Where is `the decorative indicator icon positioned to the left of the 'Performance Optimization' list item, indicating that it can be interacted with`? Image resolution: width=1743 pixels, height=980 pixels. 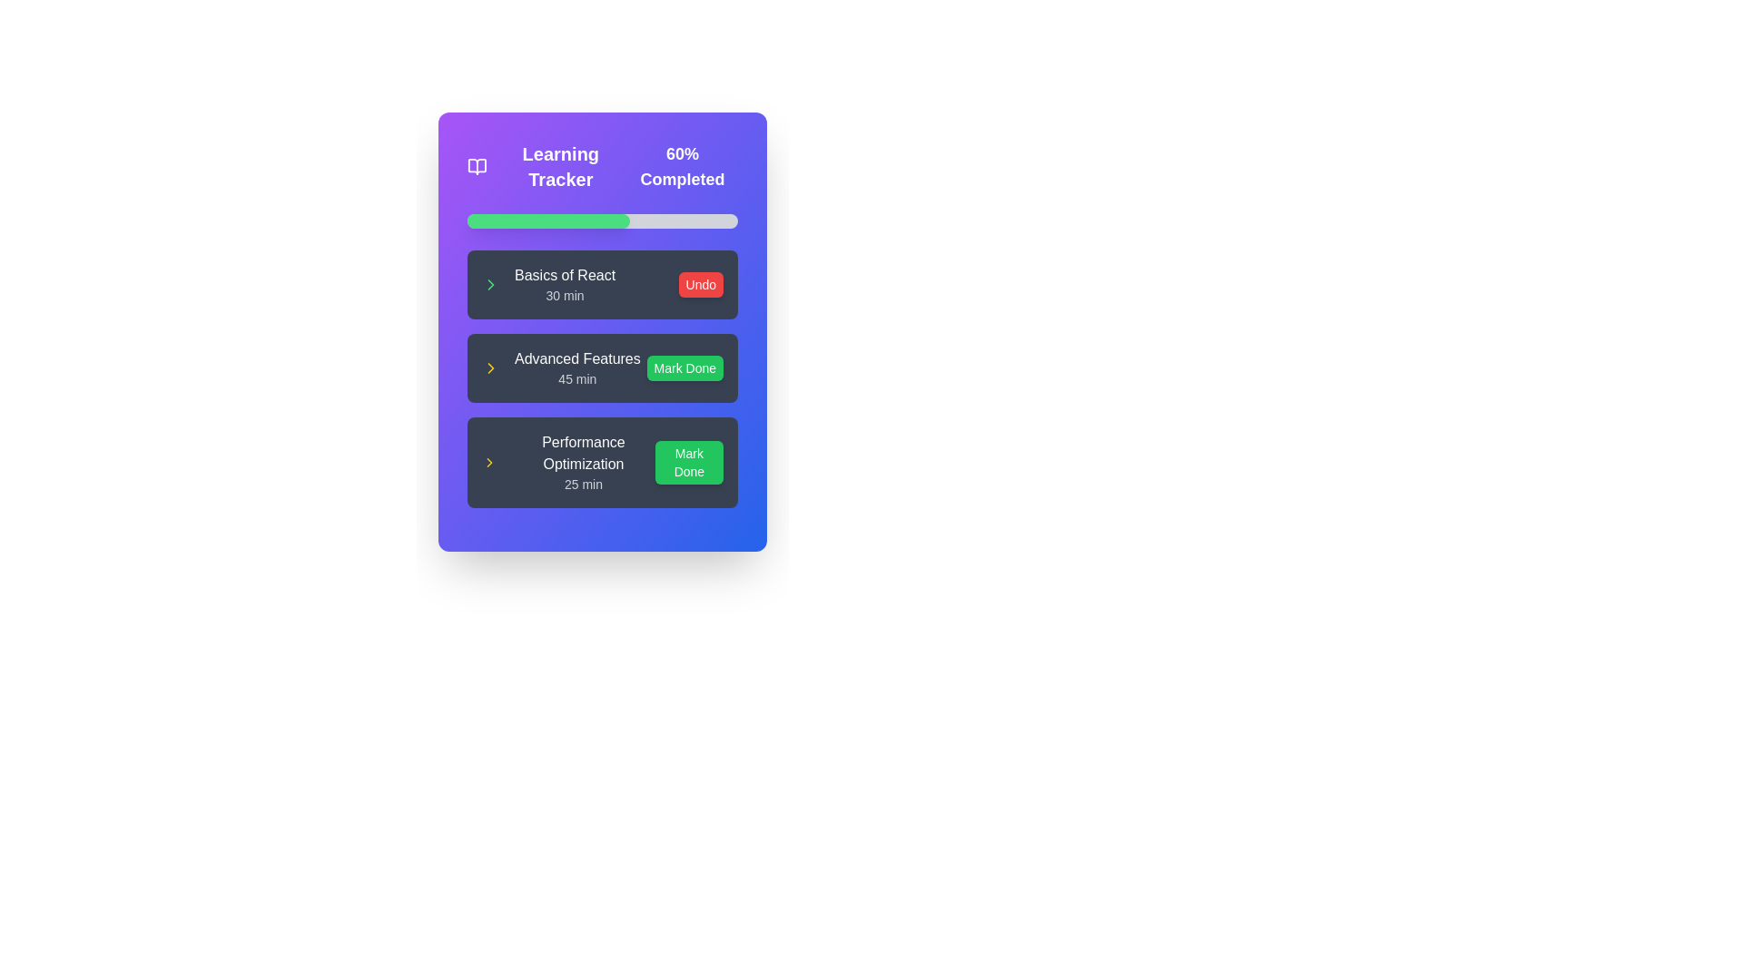
the decorative indicator icon positioned to the left of the 'Performance Optimization' list item, indicating that it can be interacted with is located at coordinates (491, 367).